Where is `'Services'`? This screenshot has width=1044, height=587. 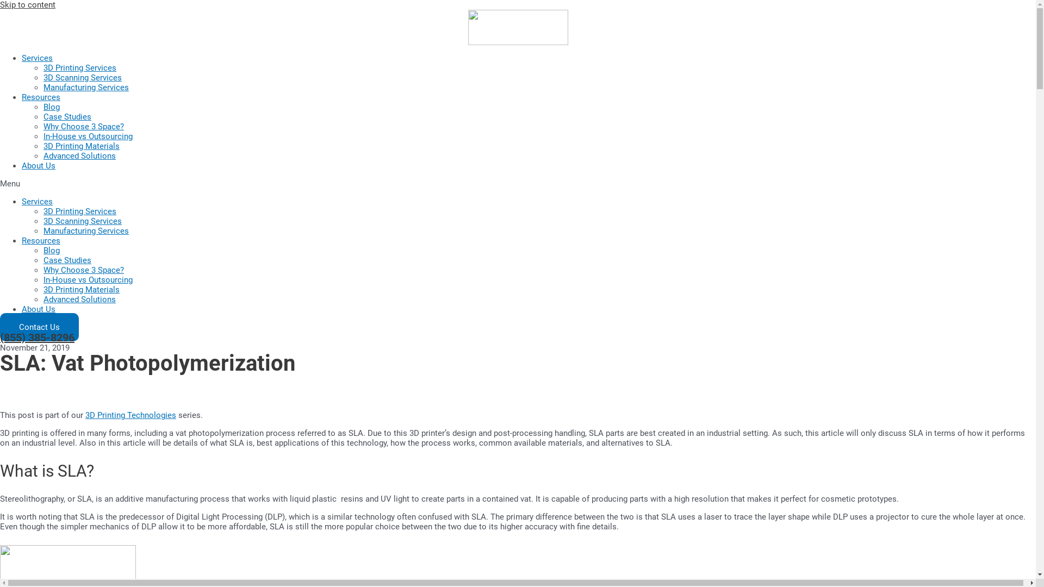 'Services' is located at coordinates (37, 58).